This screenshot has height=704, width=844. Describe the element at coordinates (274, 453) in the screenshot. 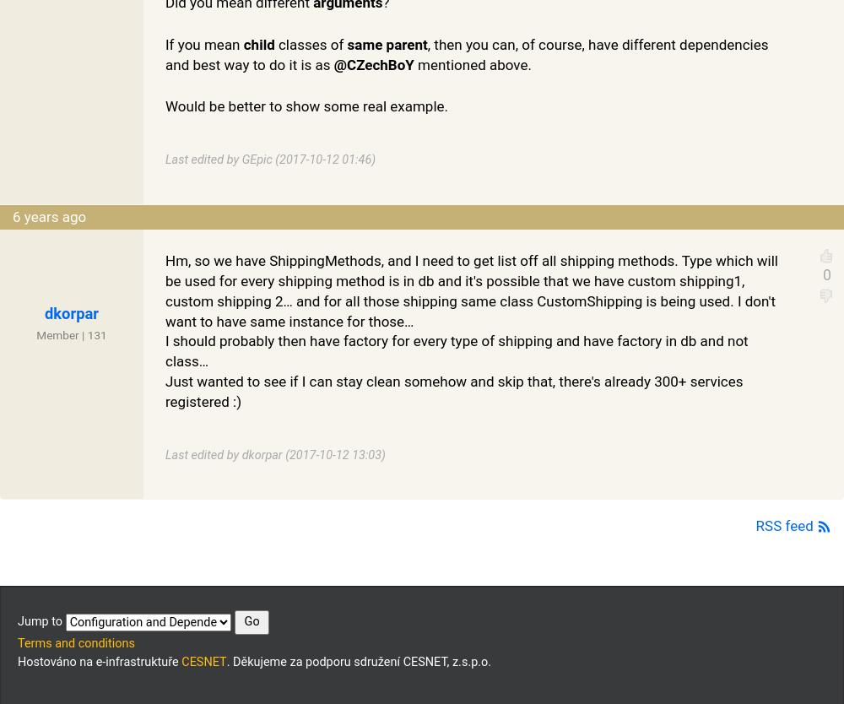

I see `'Last edited by dkorpar (2017-10-12 13:03)'` at that location.